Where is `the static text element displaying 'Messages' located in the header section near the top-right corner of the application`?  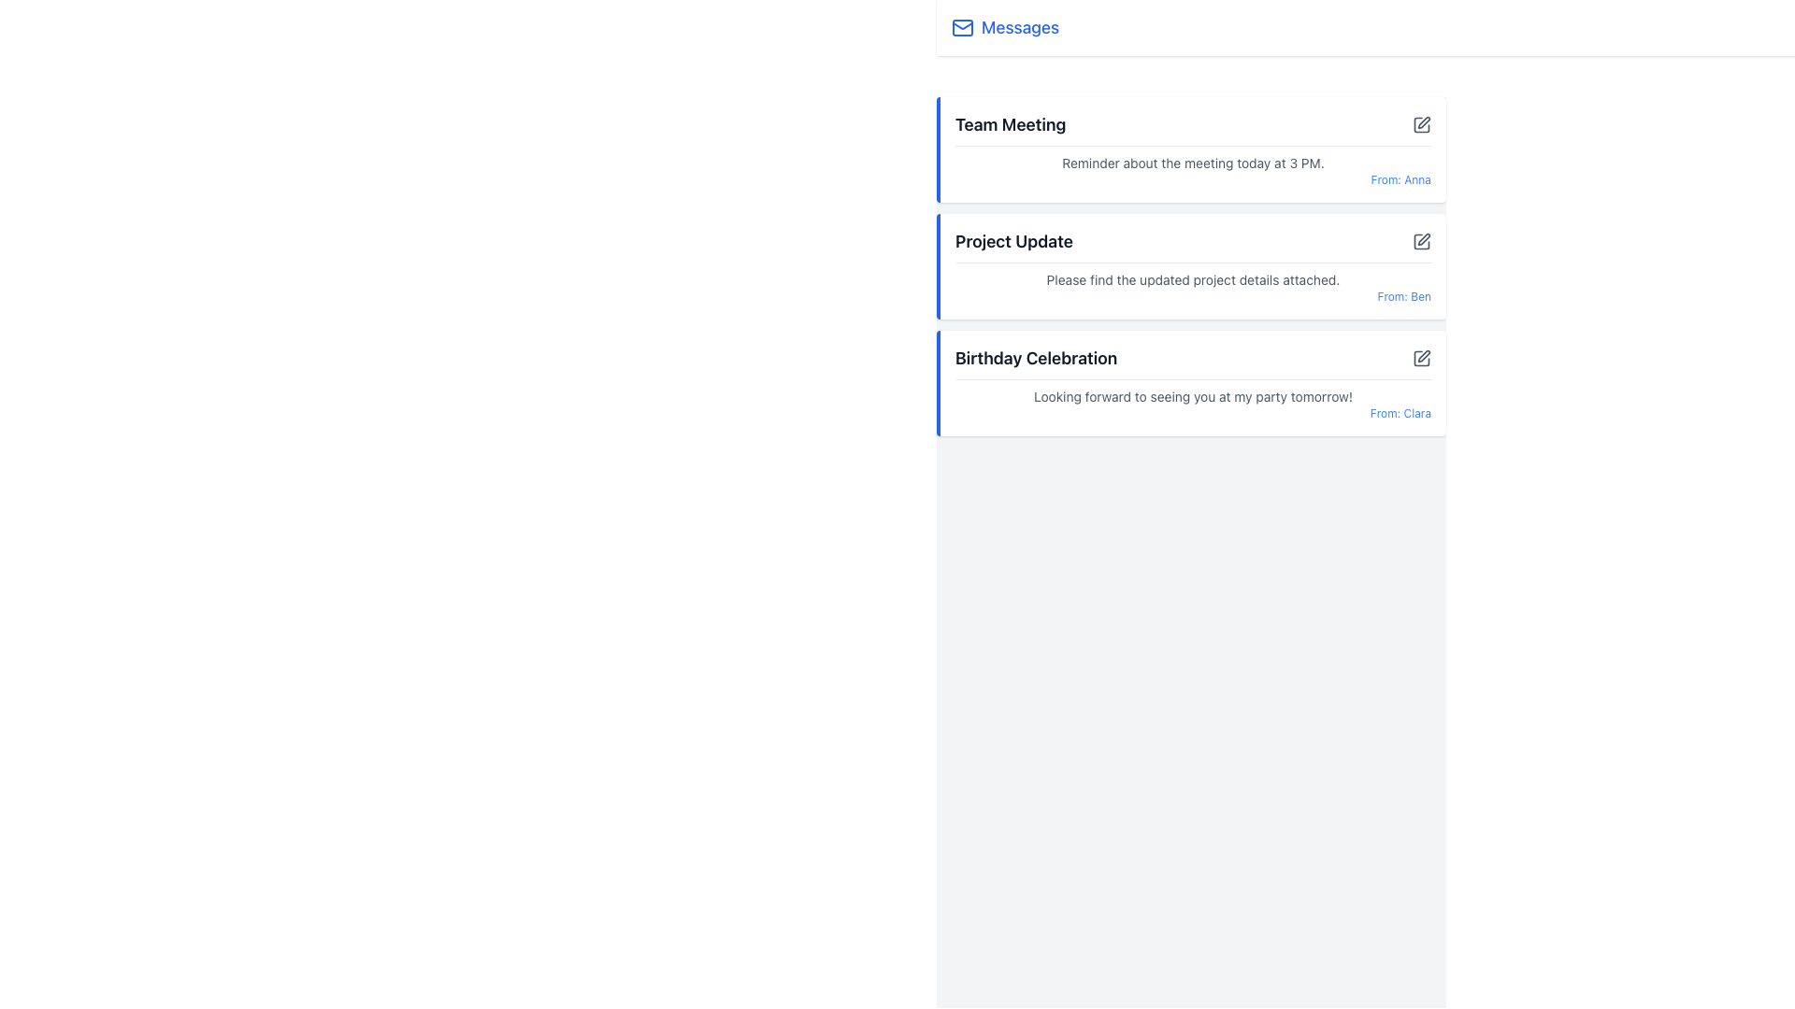
the static text element displaying 'Messages' located in the header section near the top-right corner of the application is located at coordinates (1019, 28).